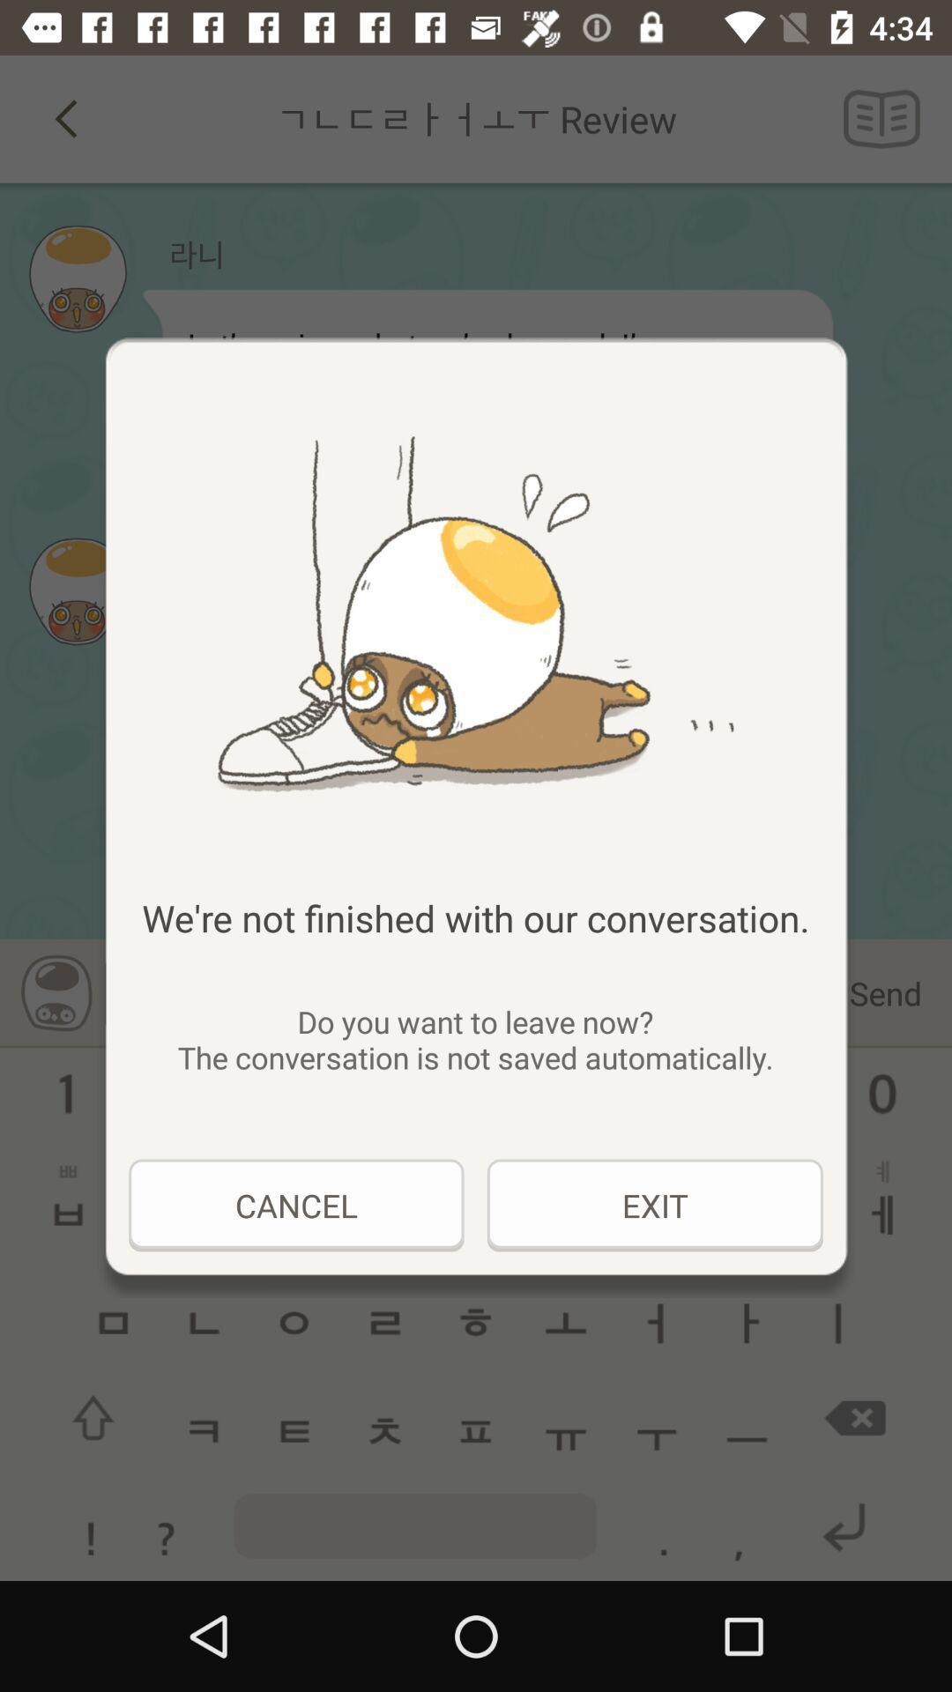 This screenshot has height=1692, width=952. I want to click on icon below the do you want item, so click(655, 1205).